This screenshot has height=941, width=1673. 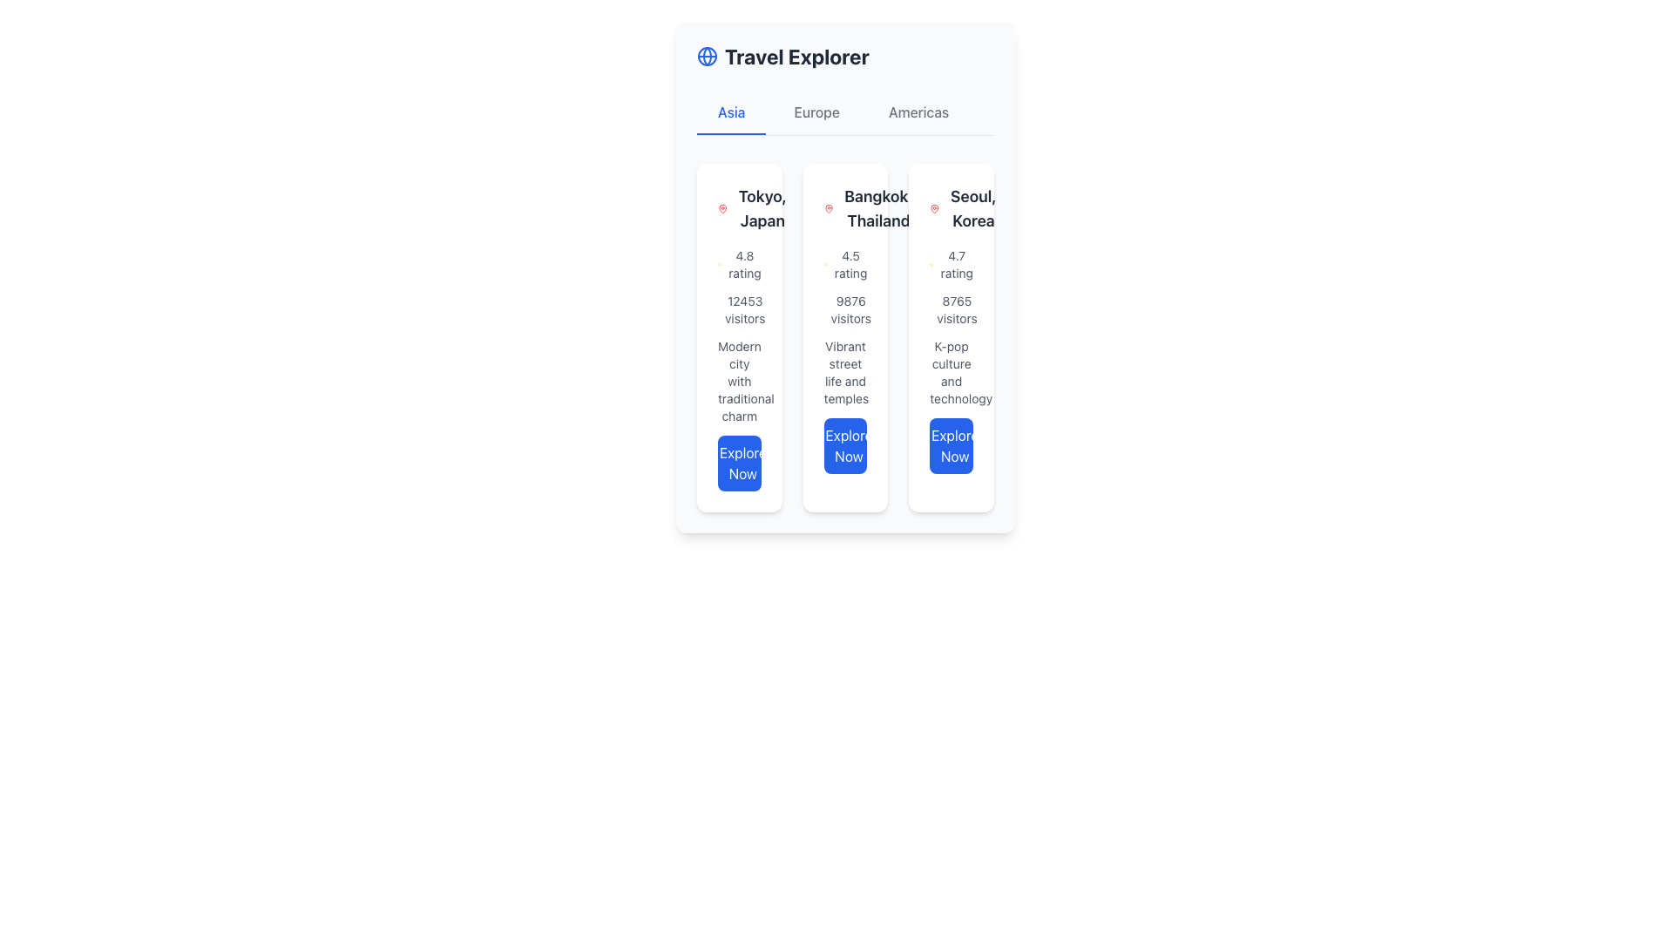 What do you see at coordinates (707, 56) in the screenshot?
I see `the SVG circle element that represents a globe, located at the top-left corner of the interface next to the title 'Travel Explorer'` at bounding box center [707, 56].